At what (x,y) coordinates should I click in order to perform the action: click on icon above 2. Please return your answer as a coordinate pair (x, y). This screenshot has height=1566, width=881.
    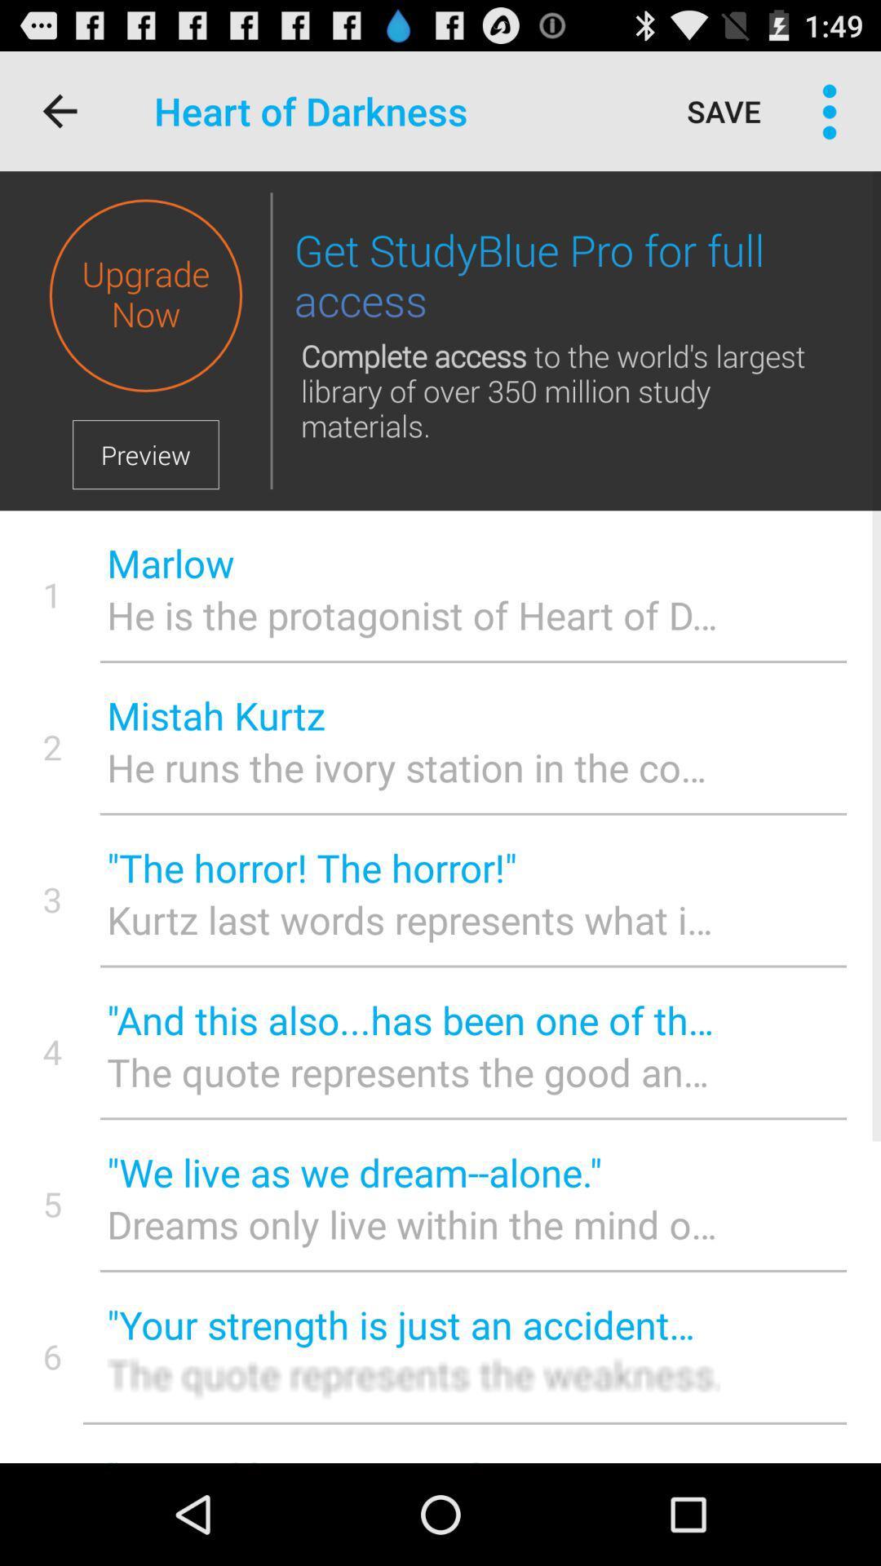
    Looking at the image, I should click on (51, 594).